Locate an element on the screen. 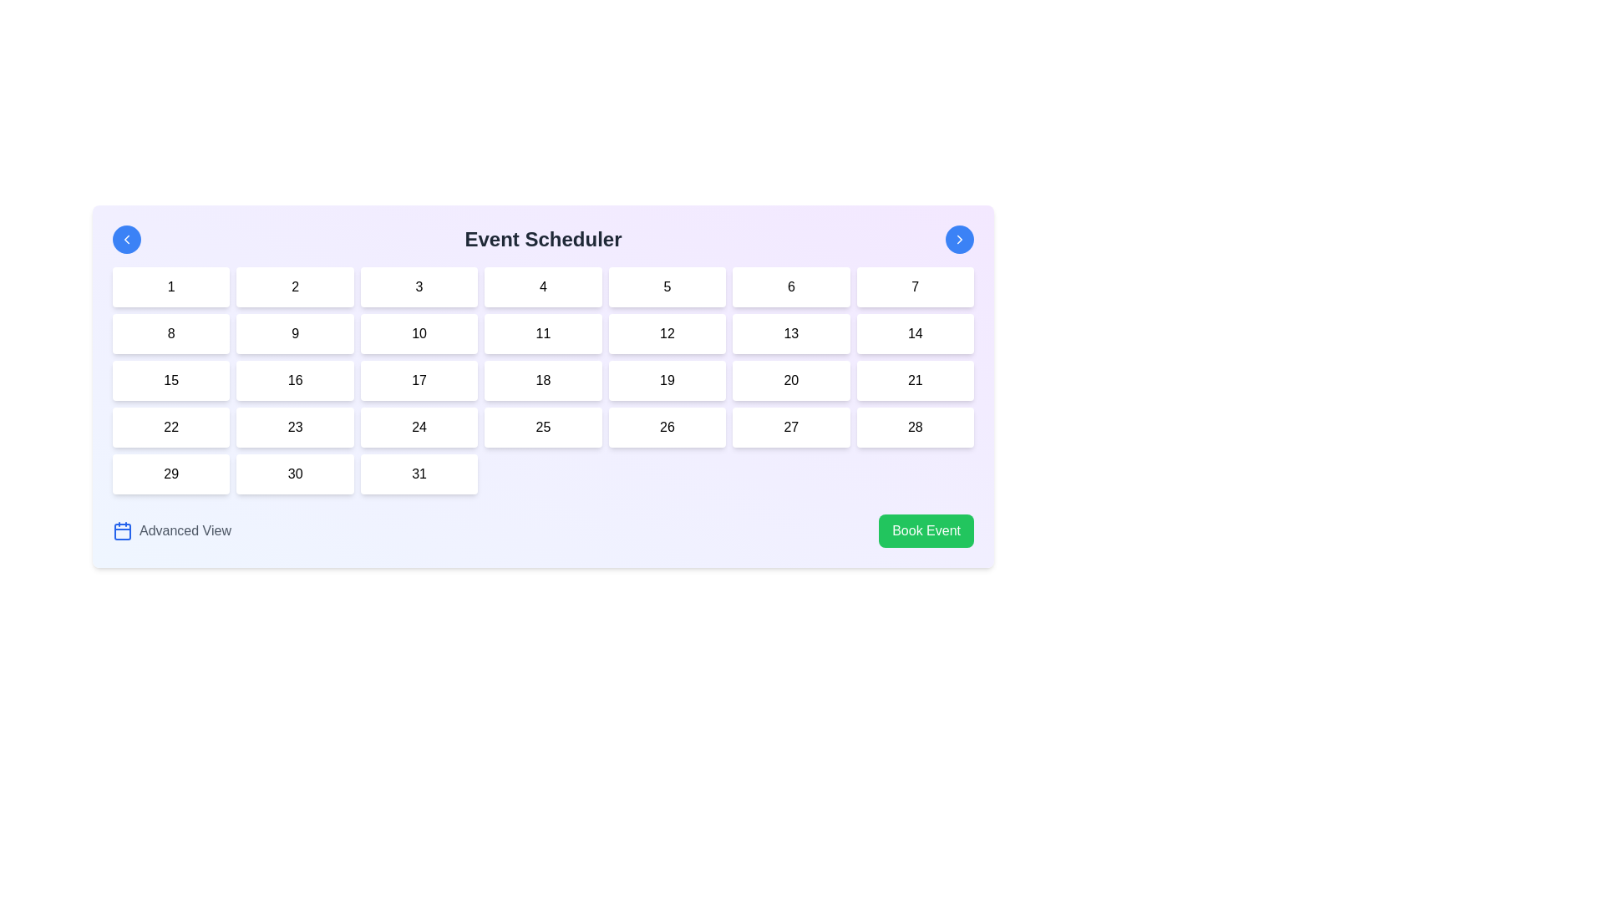 This screenshot has width=1604, height=902. the selectable day button in the Event Scheduler grid to observe the background color change is located at coordinates (419, 334).